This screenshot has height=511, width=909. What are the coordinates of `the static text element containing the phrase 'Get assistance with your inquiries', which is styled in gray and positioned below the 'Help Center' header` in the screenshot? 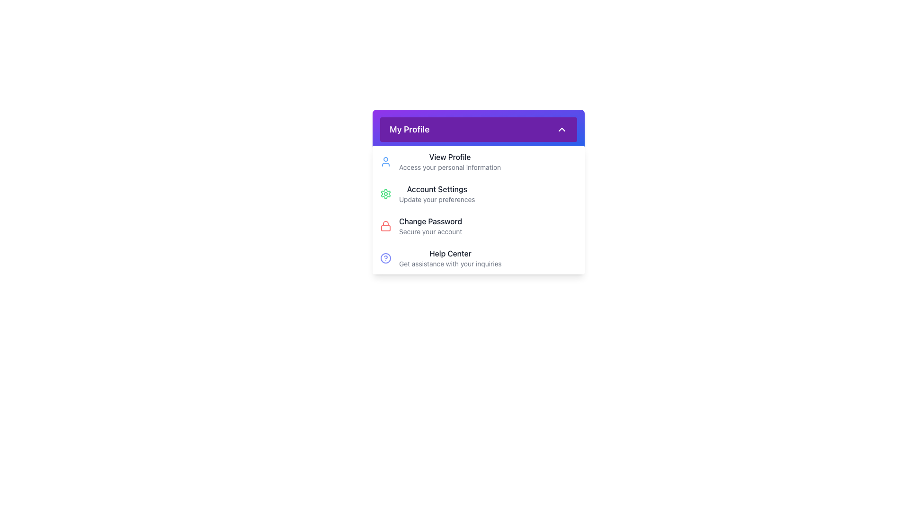 It's located at (450, 264).